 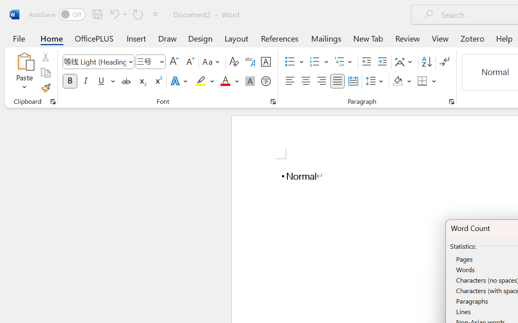 I want to click on 'Paragraph...', so click(x=451, y=101).